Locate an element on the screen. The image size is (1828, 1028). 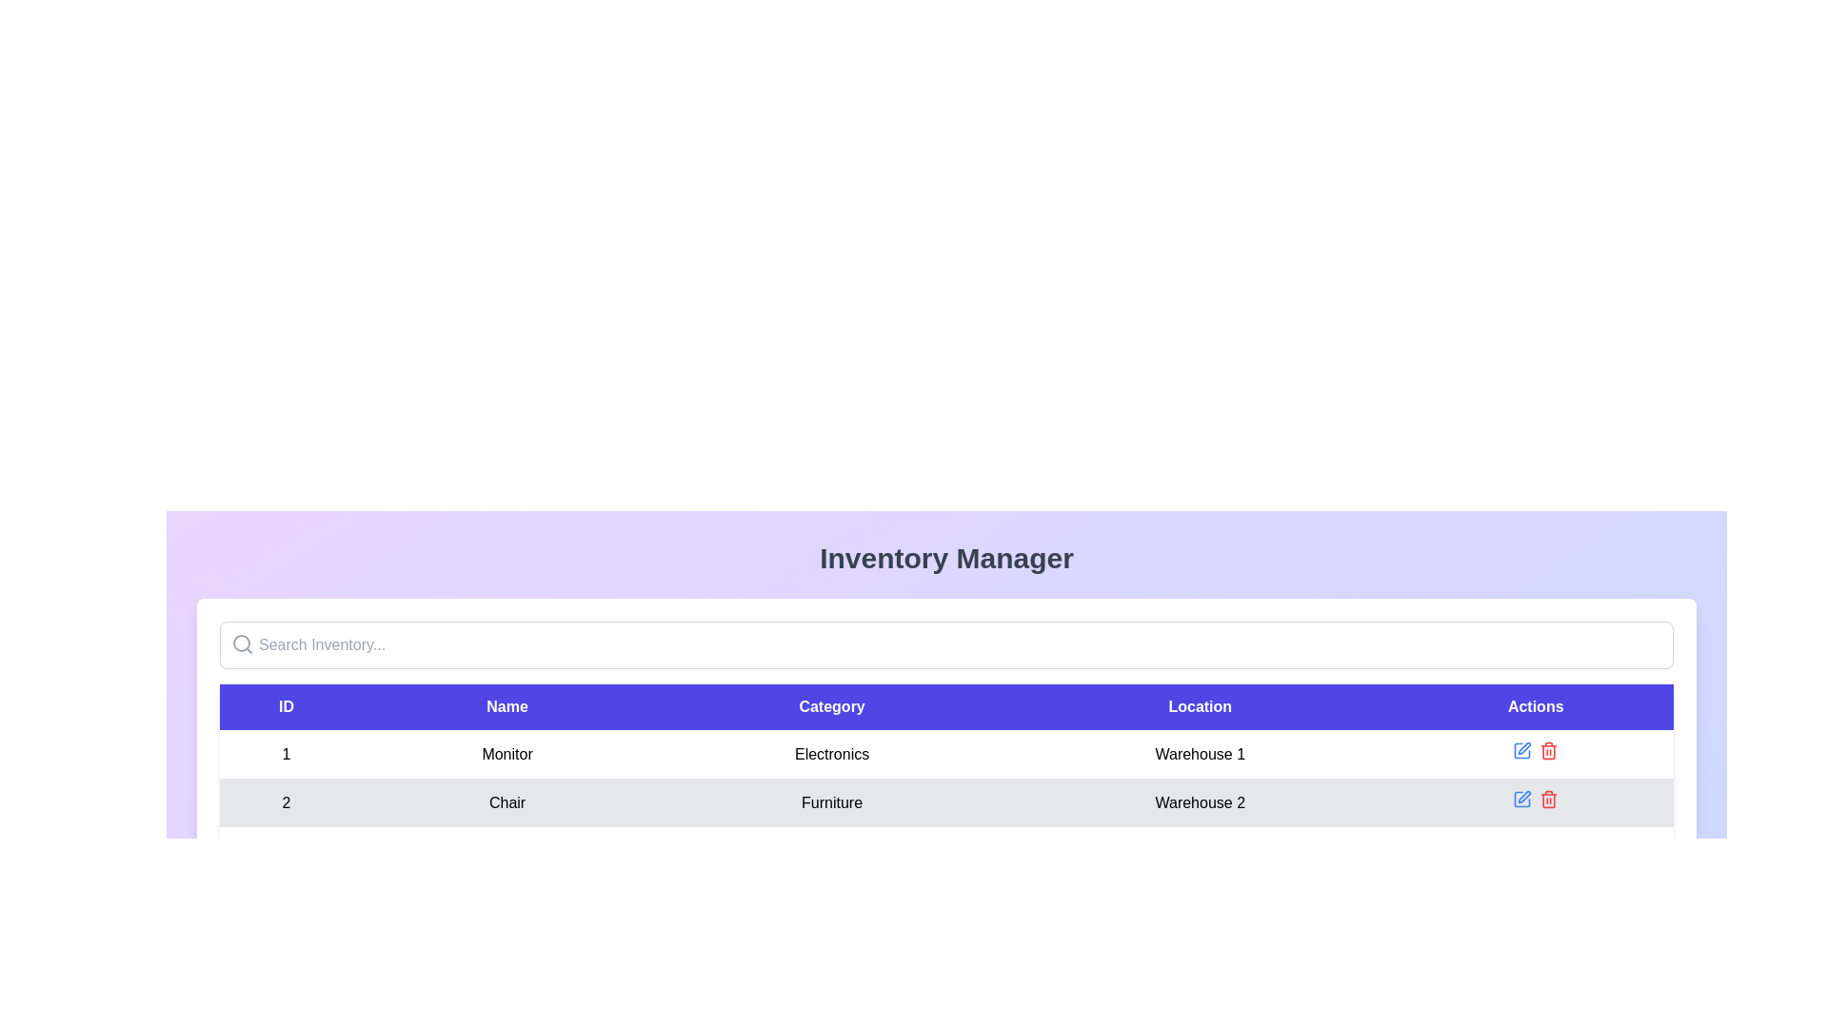
the SVG circle that represents the lens of the magnifying glass in the search icon, which has a gray outer stroke and white inner area, located to the left of the input box at the top of the interface is located at coordinates (241, 642).